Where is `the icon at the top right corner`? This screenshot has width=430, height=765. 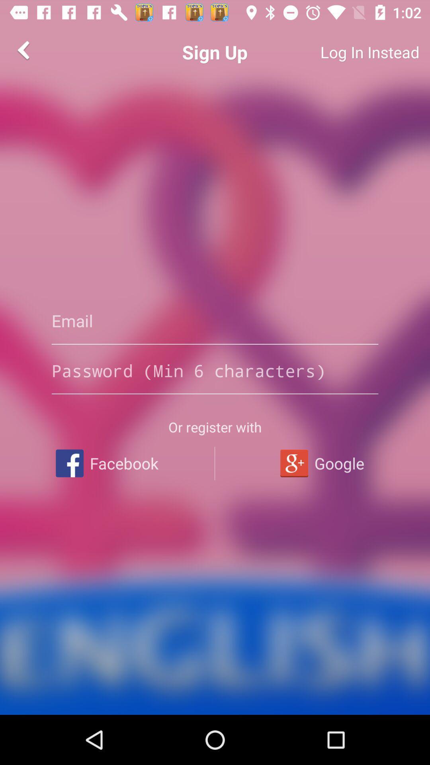
the icon at the top right corner is located at coordinates (340, 52).